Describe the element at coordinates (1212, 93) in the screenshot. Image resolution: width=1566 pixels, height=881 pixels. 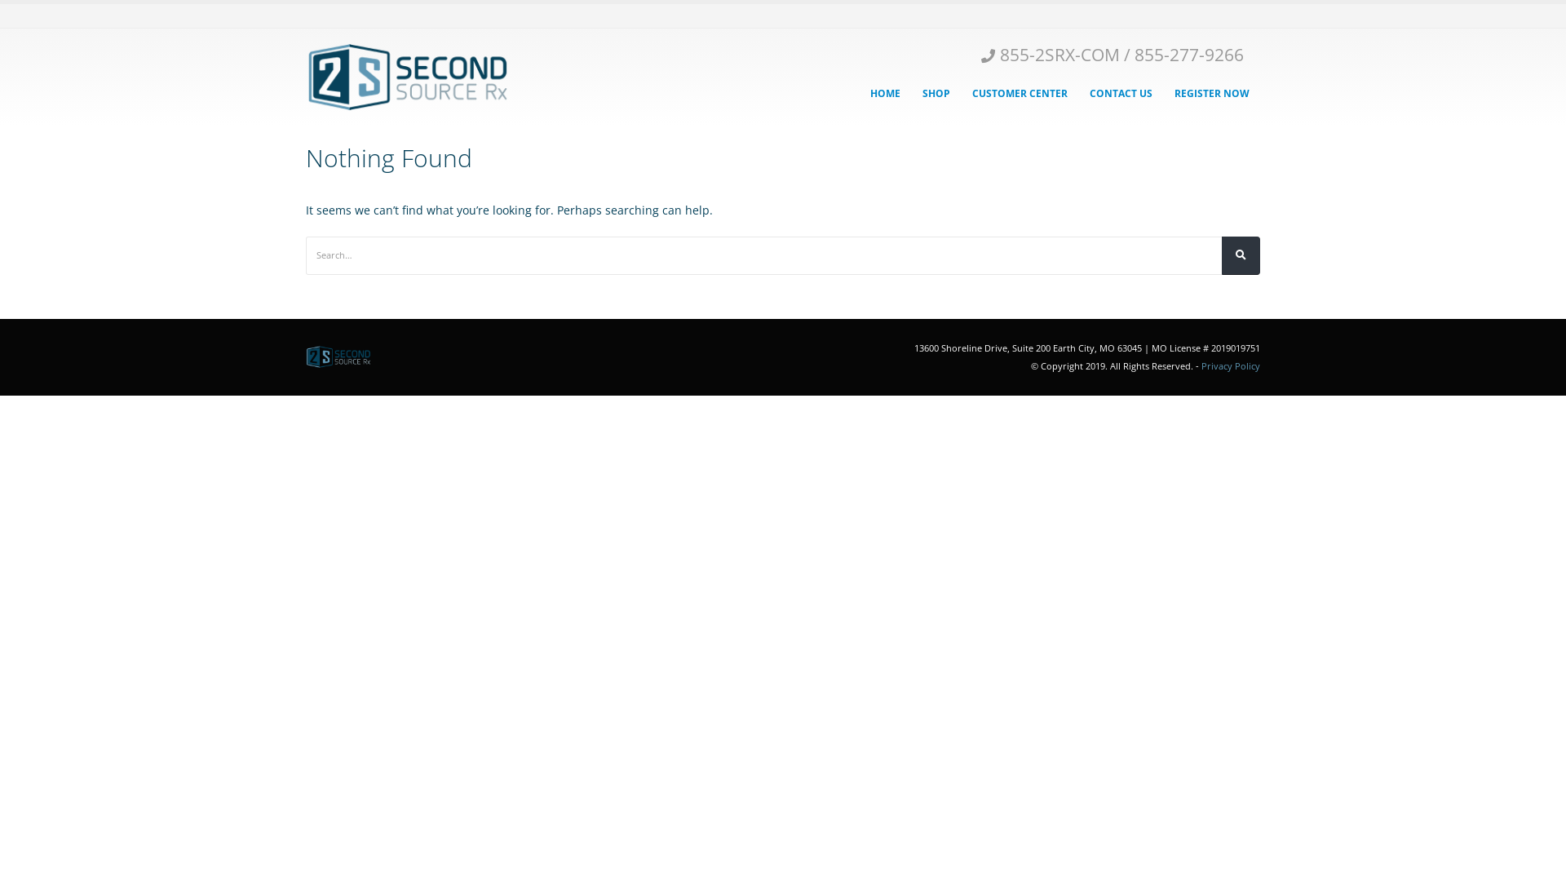
I see `'REGISTER NOW'` at that location.